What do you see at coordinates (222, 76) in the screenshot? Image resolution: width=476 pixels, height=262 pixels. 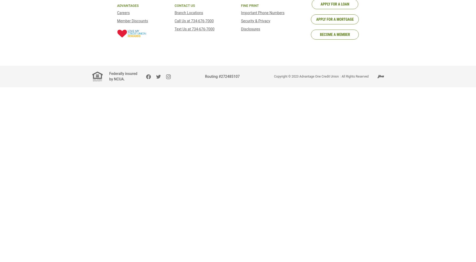 I see `'Routing #272485107'` at bounding box center [222, 76].